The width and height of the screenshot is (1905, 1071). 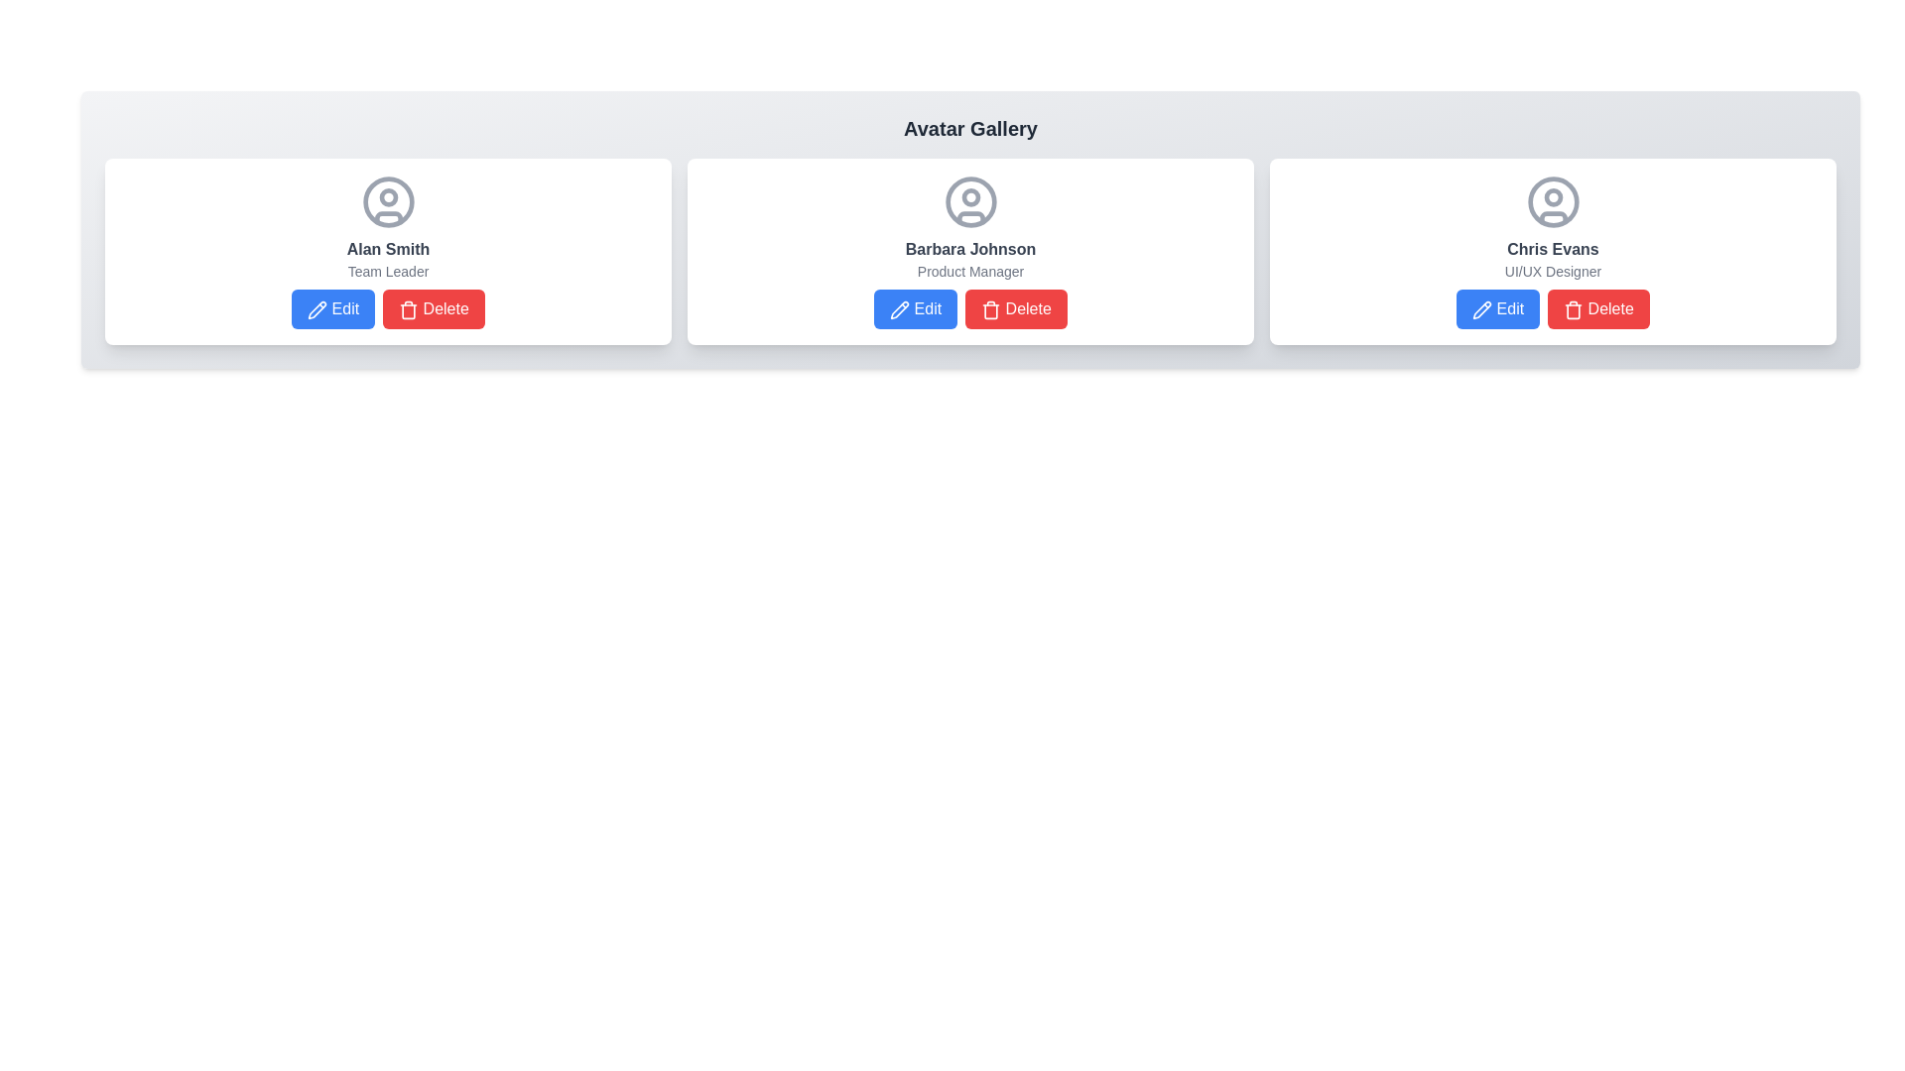 I want to click on the trash can icon within the red 'Delete' button located at the bottom right of the 'Alan Smith - Team Leader' card, so click(x=408, y=309).